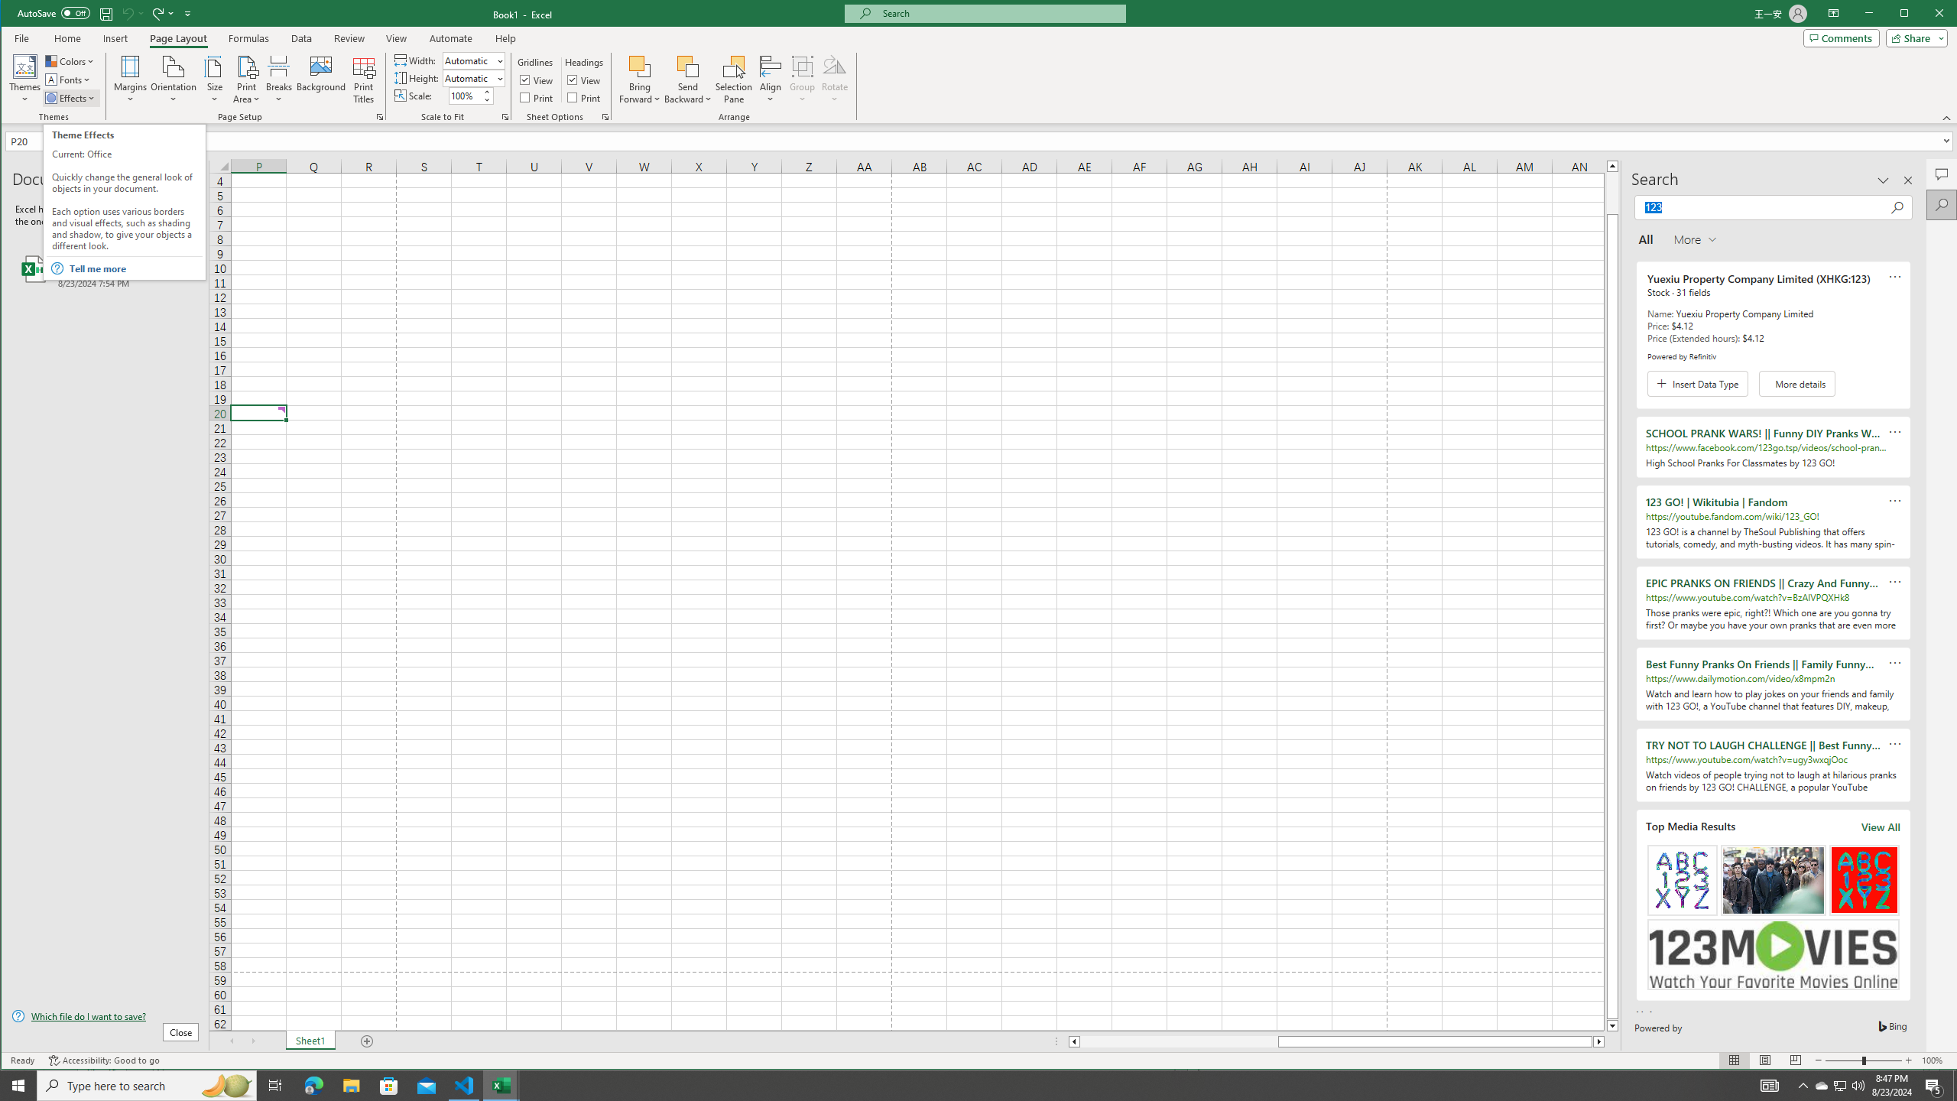  Describe the element at coordinates (364, 79) in the screenshot. I see `'Print Titles'` at that location.